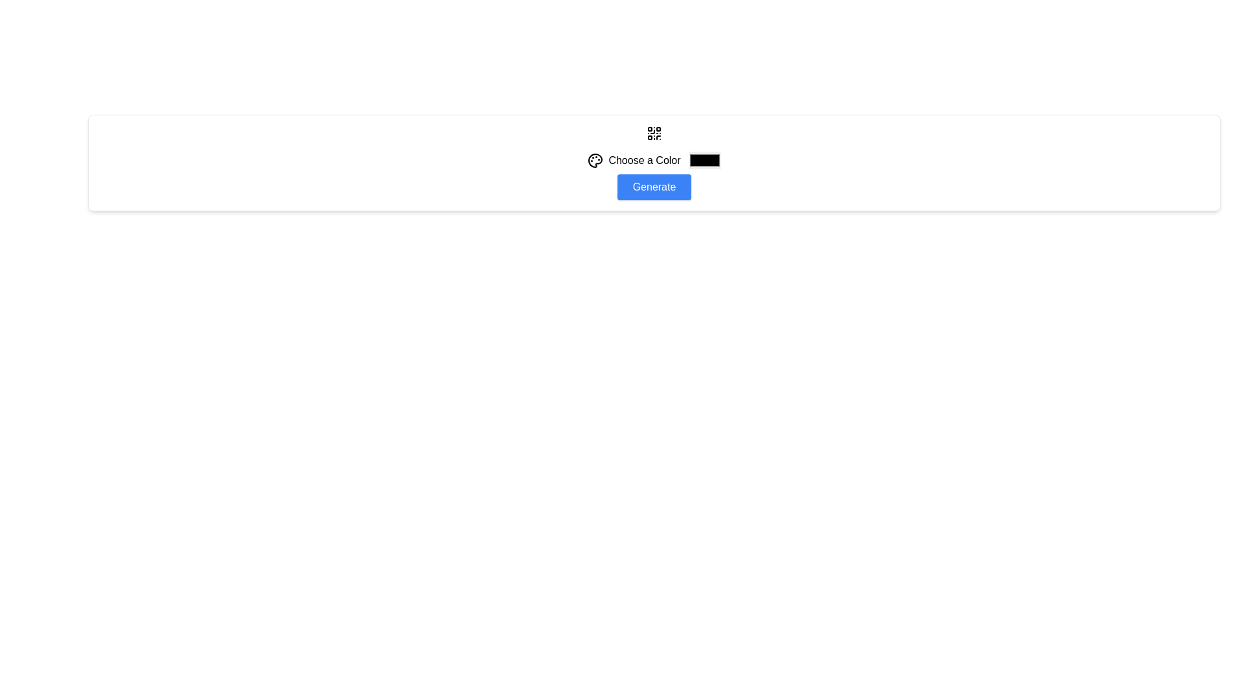 This screenshot has height=700, width=1244. What do you see at coordinates (595, 159) in the screenshot?
I see `the painter's palette icon located to the immediate left of the 'Choose a Color' text in the middle of the user interface` at bounding box center [595, 159].